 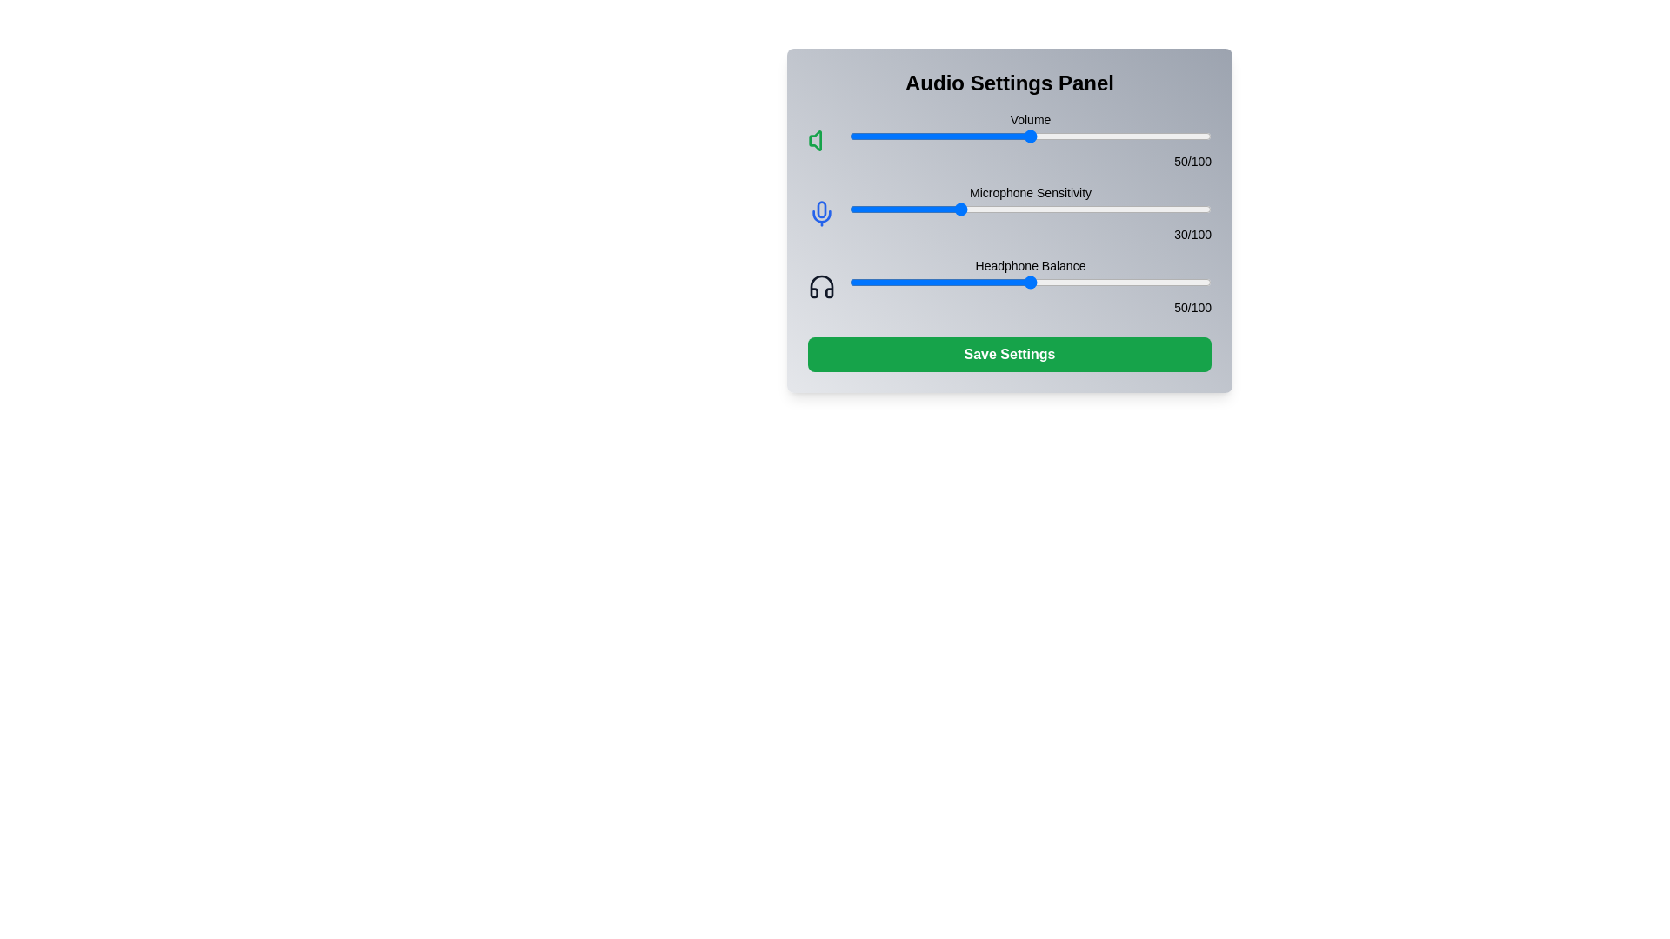 What do you see at coordinates (976, 281) in the screenshot?
I see `the headphone balance` at bounding box center [976, 281].